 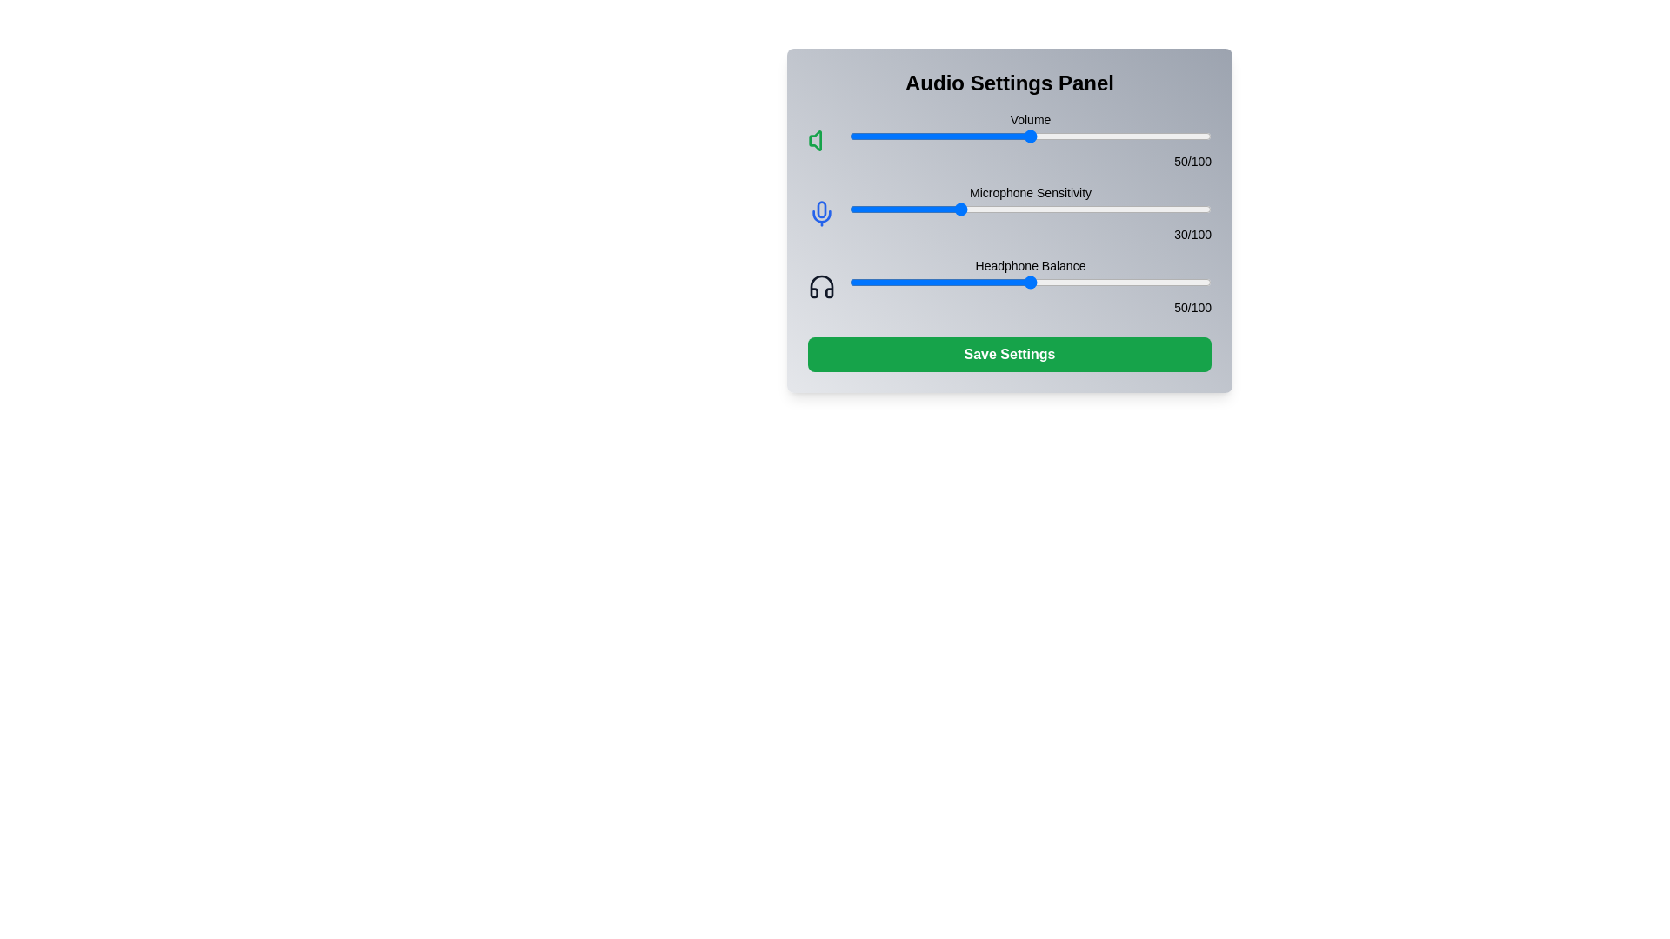 What do you see at coordinates (976, 281) in the screenshot?
I see `the headphone balance` at bounding box center [976, 281].